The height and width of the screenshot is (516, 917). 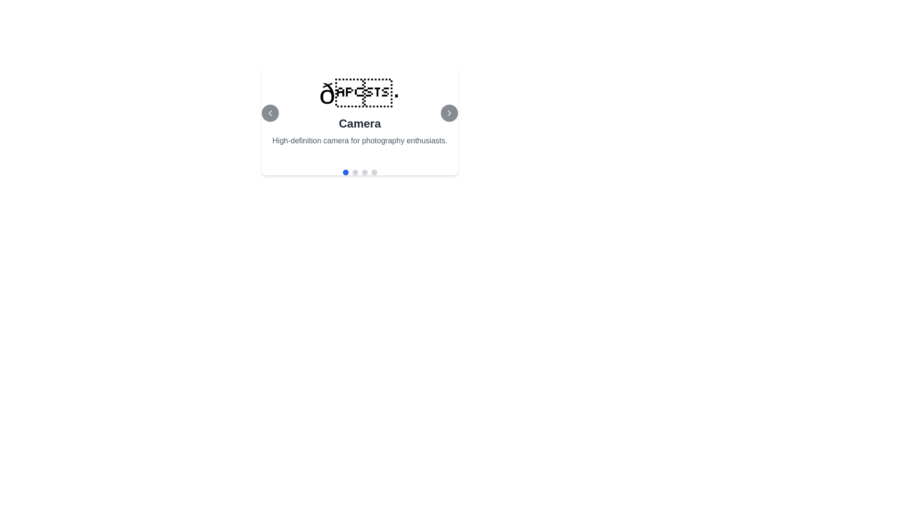 What do you see at coordinates (359, 172) in the screenshot?
I see `the blue active dot` at bounding box center [359, 172].